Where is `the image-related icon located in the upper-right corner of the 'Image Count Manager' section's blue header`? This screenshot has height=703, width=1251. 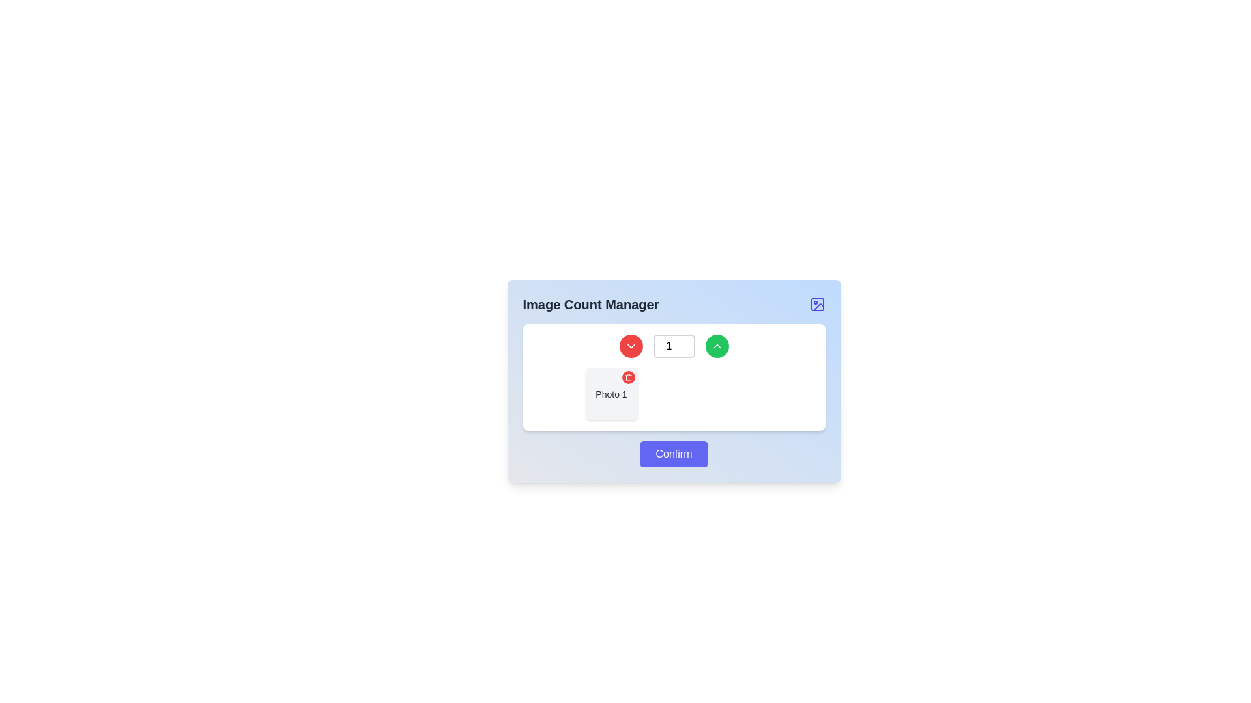 the image-related icon located in the upper-right corner of the 'Image Count Manager' section's blue header is located at coordinates (816, 304).